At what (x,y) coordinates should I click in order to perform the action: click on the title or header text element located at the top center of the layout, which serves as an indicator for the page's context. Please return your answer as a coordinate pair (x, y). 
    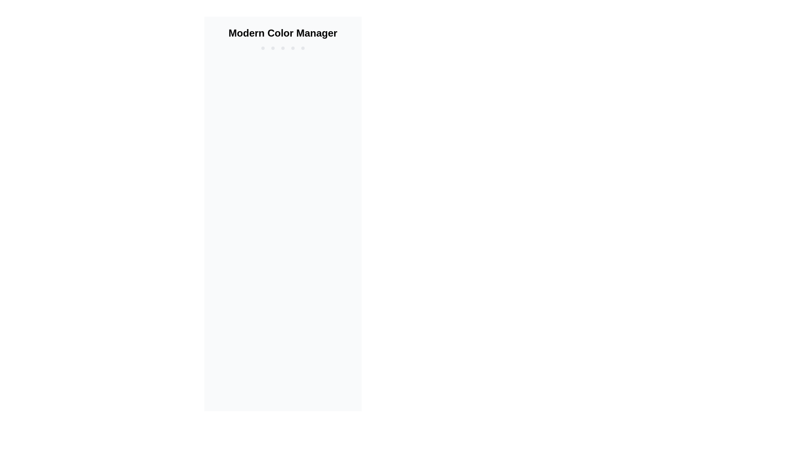
    Looking at the image, I should click on (283, 33).